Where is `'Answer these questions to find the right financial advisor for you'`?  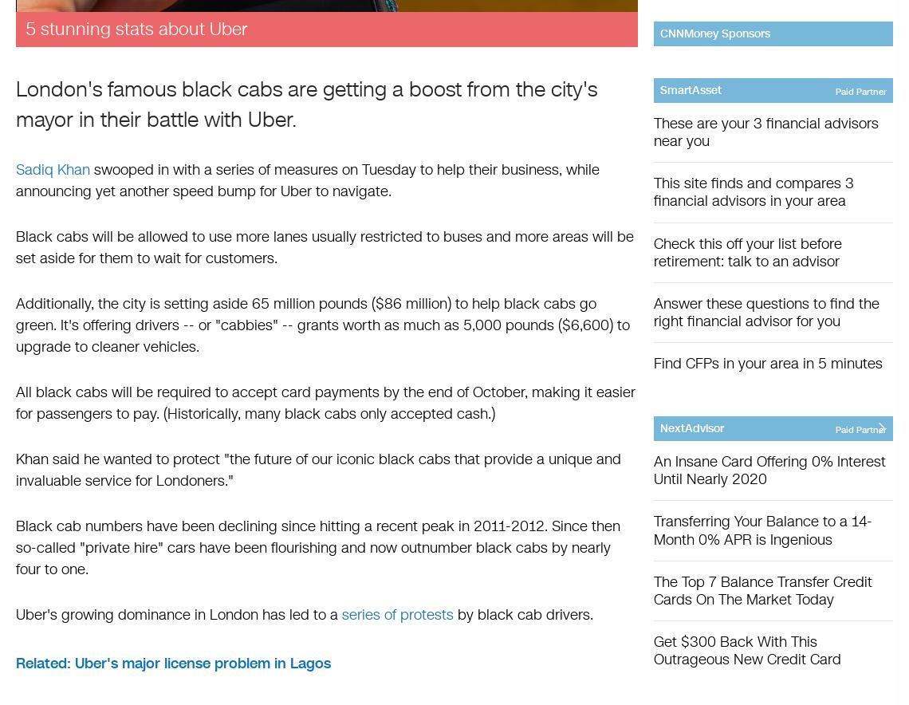 'Answer these questions to find the right financial advisor for you' is located at coordinates (653, 311).